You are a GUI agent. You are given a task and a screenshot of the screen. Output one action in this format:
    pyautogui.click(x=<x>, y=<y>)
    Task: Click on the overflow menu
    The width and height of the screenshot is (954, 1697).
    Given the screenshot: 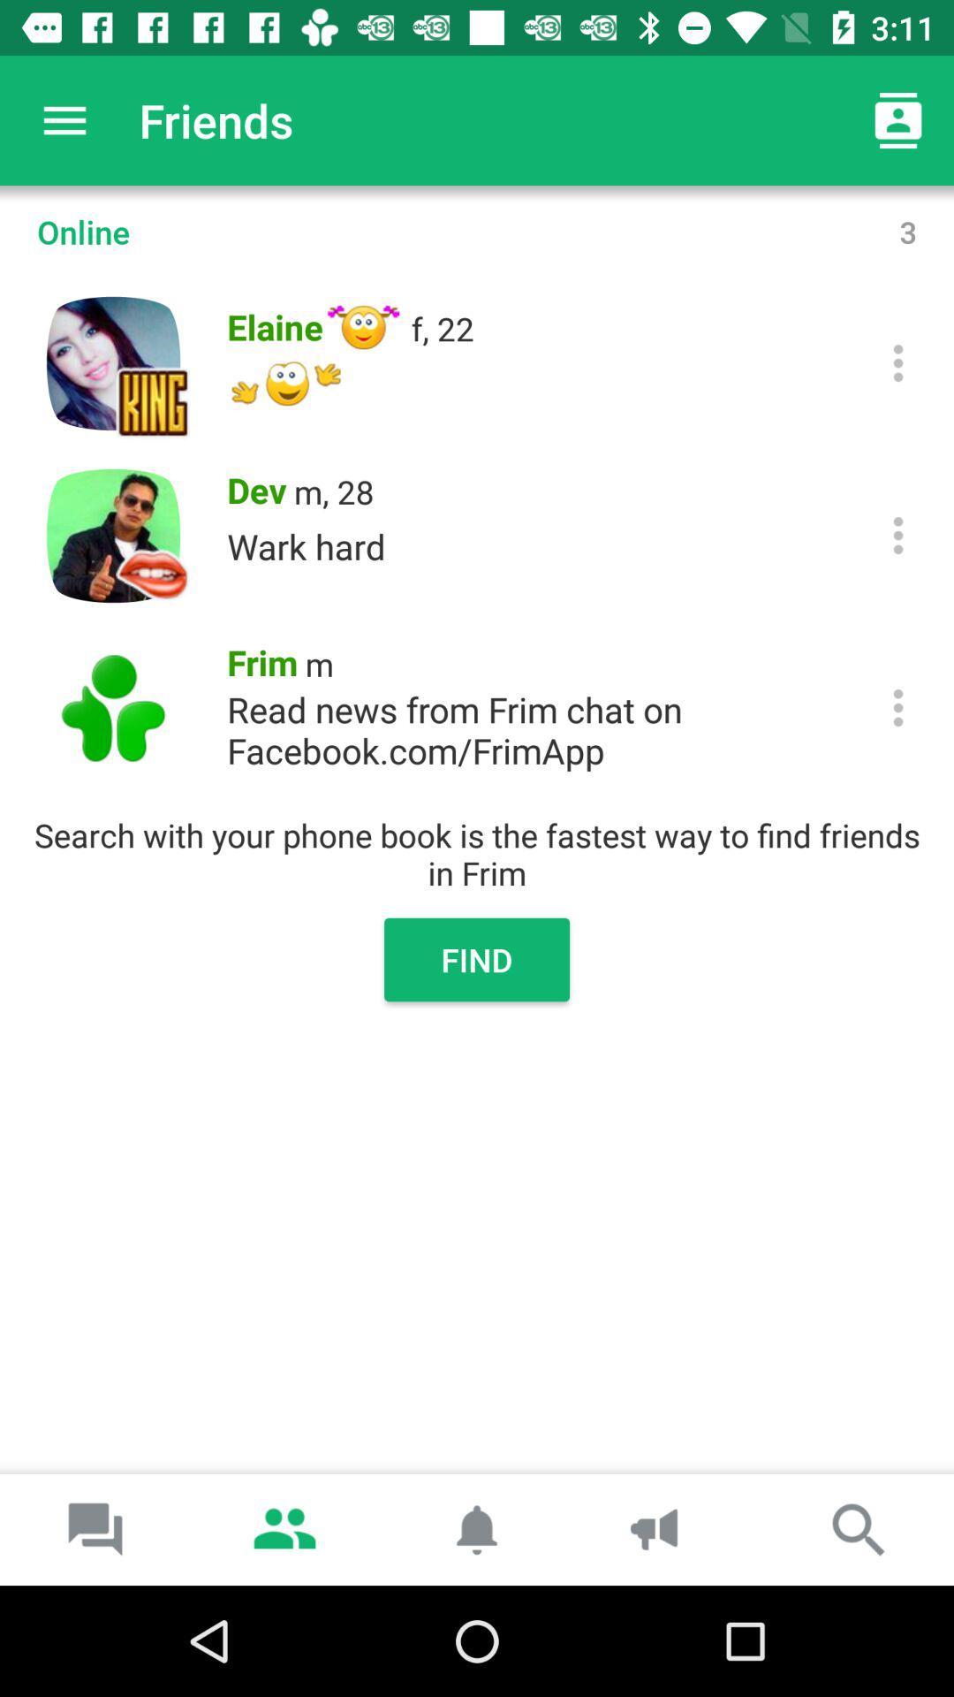 What is the action you would take?
    pyautogui.click(x=898, y=534)
    